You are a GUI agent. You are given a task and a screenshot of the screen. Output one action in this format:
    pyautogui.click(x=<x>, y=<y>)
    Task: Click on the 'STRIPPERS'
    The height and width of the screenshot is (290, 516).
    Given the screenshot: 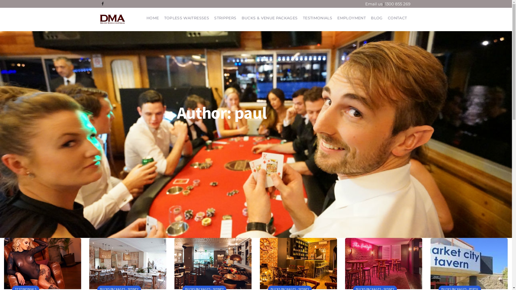 What is the action you would take?
    pyautogui.click(x=225, y=17)
    